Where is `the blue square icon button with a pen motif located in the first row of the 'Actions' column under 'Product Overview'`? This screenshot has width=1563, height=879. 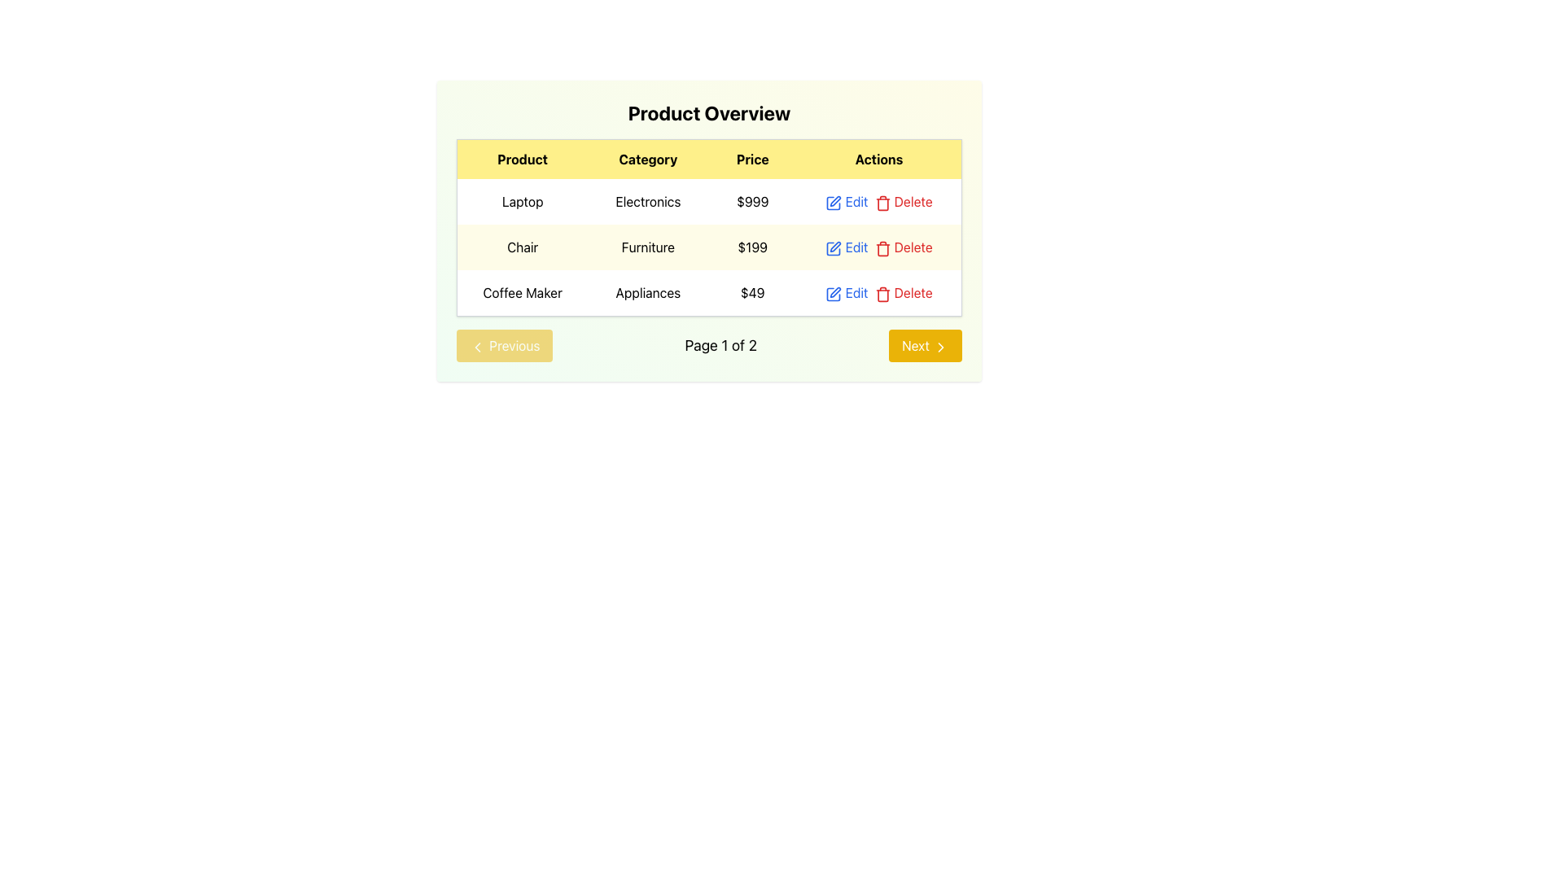 the blue square icon button with a pen motif located in the first row of the 'Actions' column under 'Product Overview' is located at coordinates (833, 202).